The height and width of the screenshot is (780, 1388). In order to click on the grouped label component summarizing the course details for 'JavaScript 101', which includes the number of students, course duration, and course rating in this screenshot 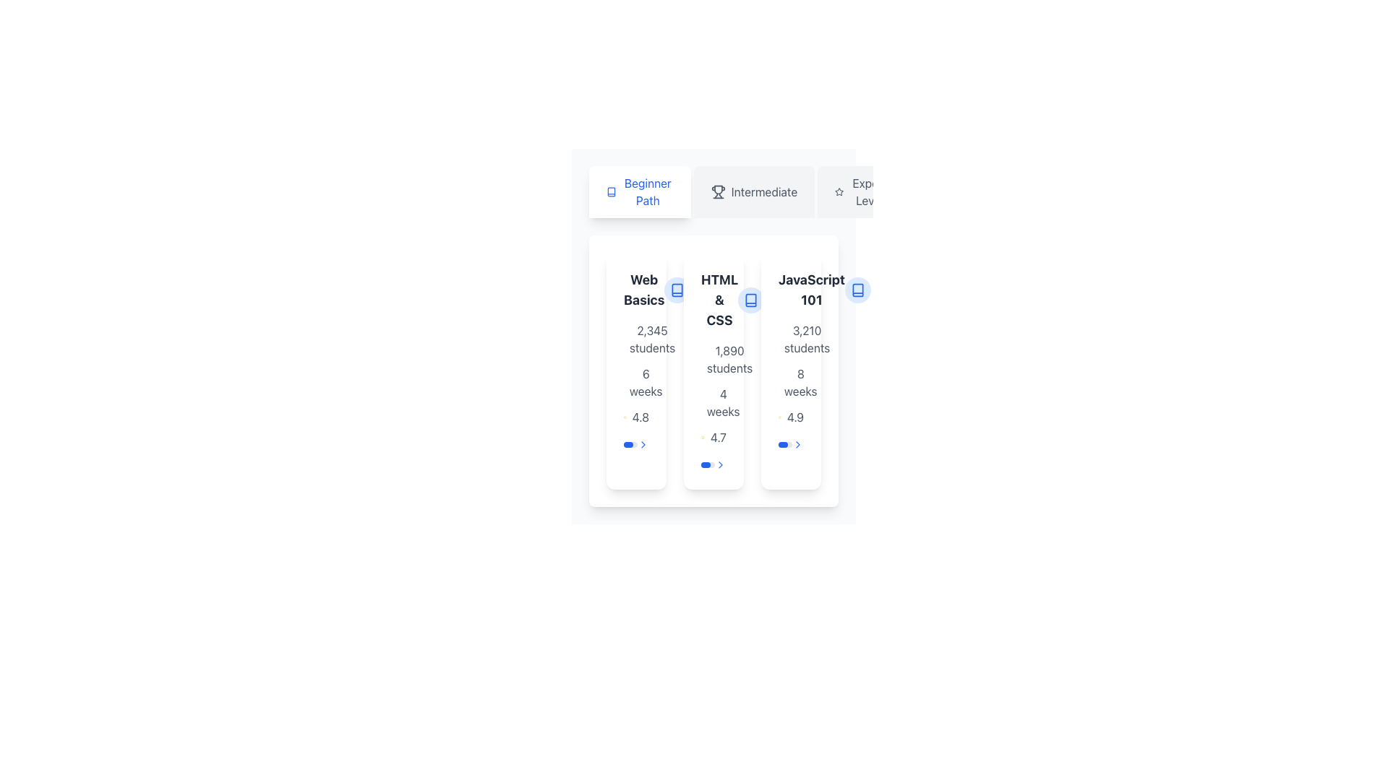, I will do `click(790, 373)`.